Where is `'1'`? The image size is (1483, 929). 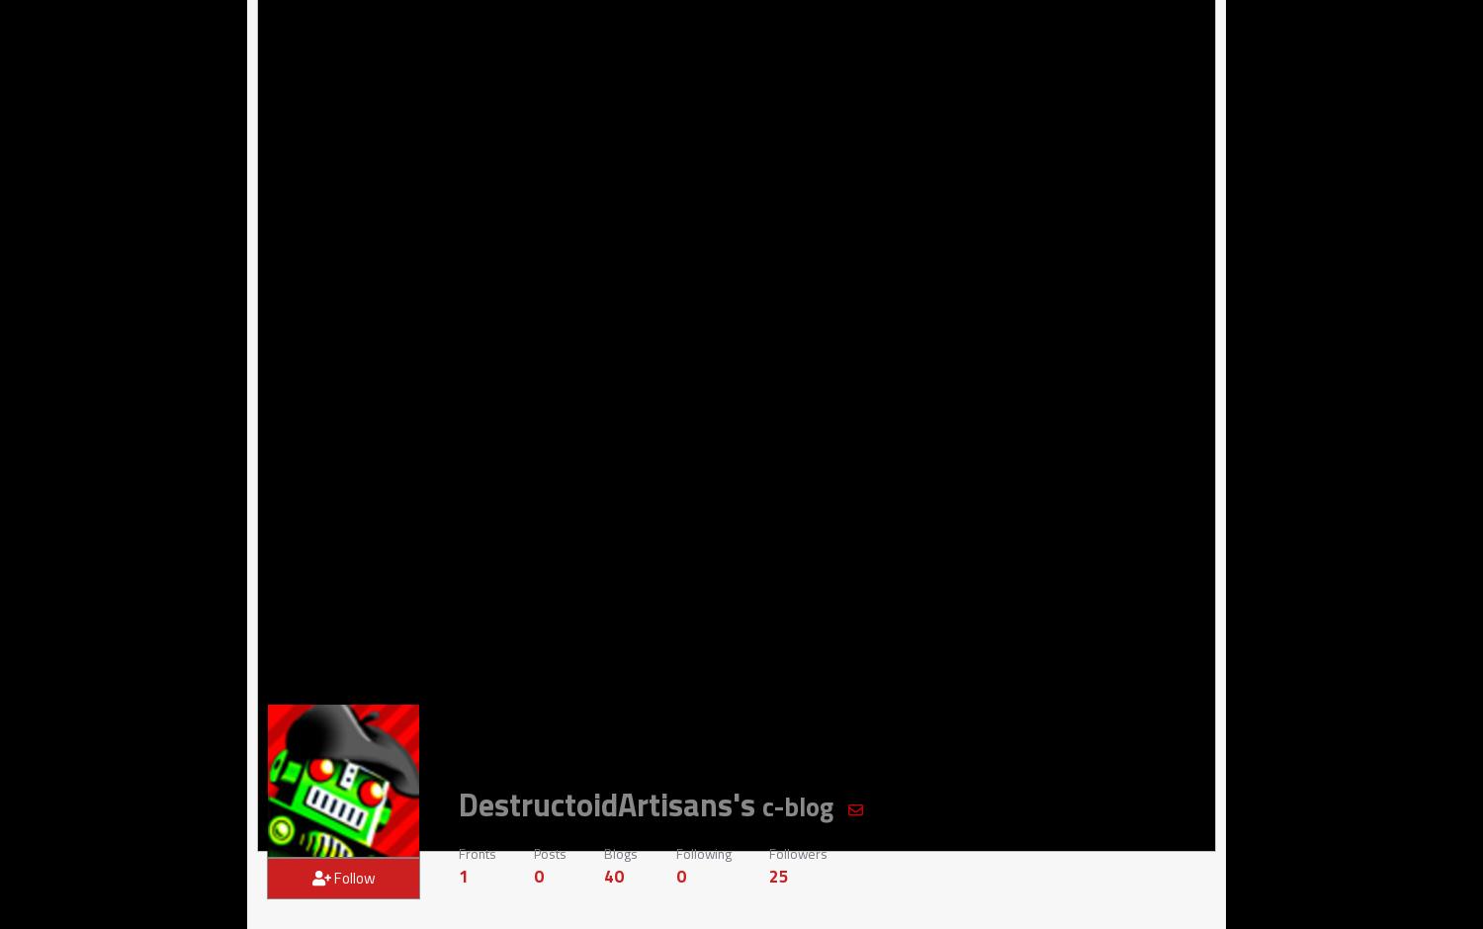 '1' is located at coordinates (462, 876).